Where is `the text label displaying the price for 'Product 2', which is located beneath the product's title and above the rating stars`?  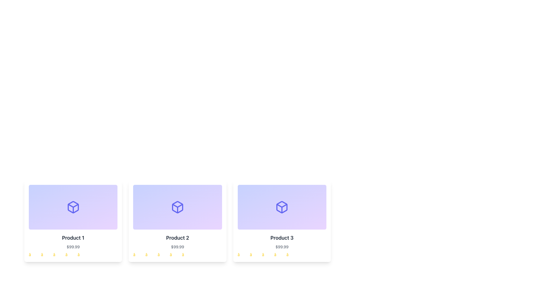 the text label displaying the price for 'Product 2', which is located beneath the product's title and above the rating stars is located at coordinates (177, 247).